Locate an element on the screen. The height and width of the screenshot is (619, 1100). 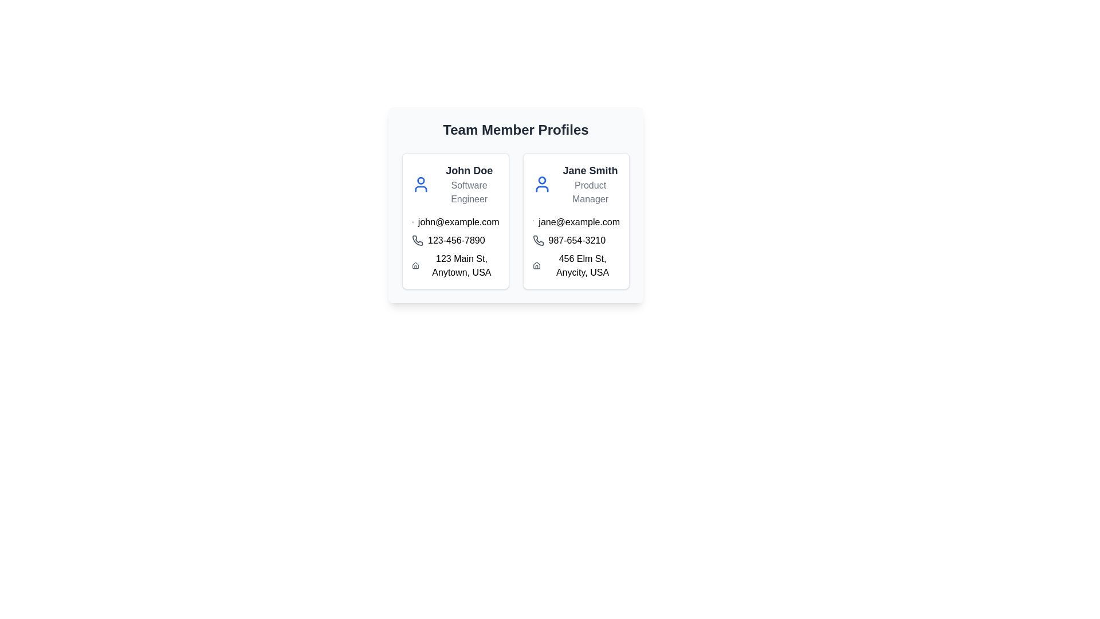
the text display element that shows 'Jane Smith' and 'Product Manager' in a card layout located in the second, right-hand card is located at coordinates (590, 183).